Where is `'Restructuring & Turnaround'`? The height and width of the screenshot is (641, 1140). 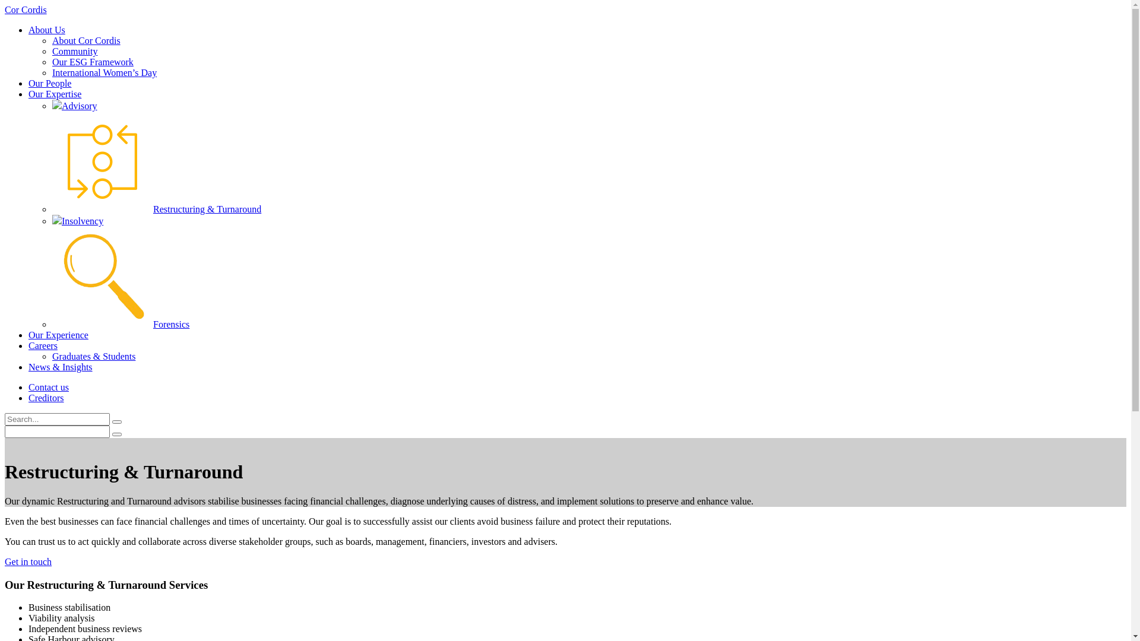
'Restructuring & Turnaround' is located at coordinates (156, 208).